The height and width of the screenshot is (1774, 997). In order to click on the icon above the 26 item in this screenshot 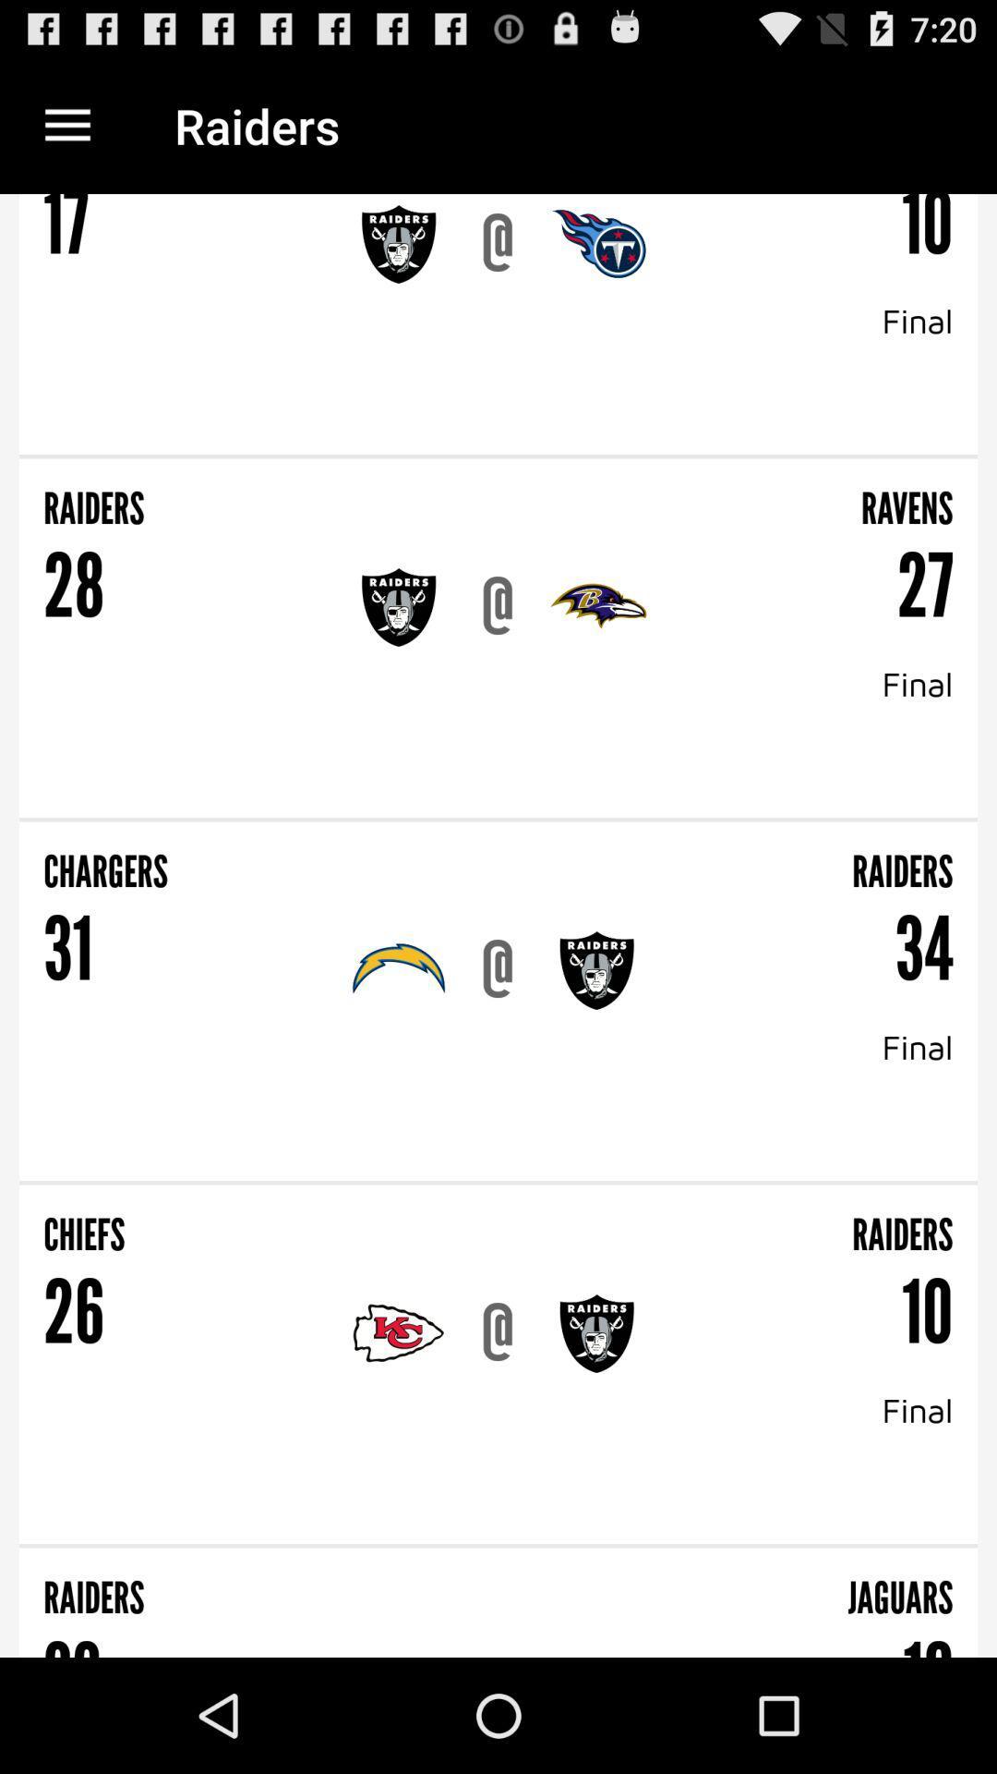, I will do `click(266, 1222)`.